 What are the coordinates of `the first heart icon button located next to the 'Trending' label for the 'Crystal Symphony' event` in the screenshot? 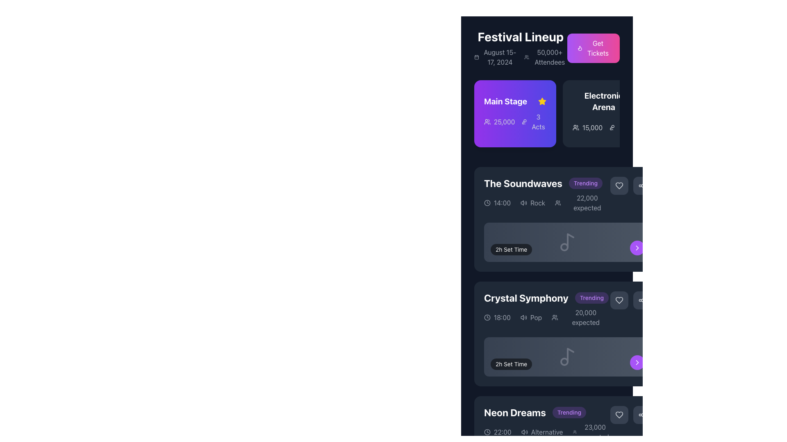 It's located at (619, 300).